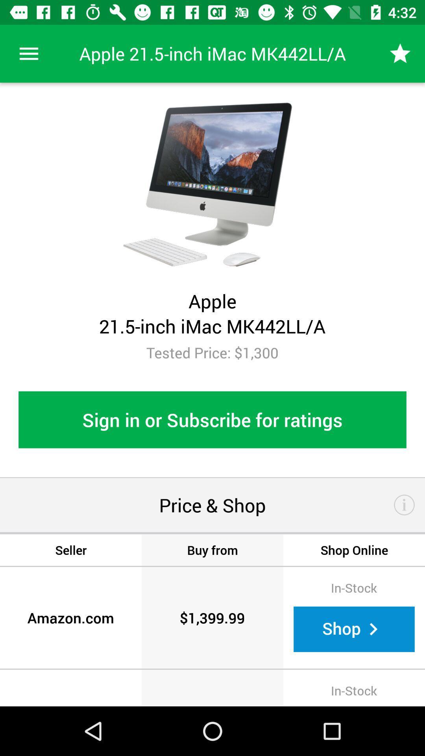 This screenshot has width=425, height=756. I want to click on the item to the left of apple 21 5 icon, so click(28, 53).